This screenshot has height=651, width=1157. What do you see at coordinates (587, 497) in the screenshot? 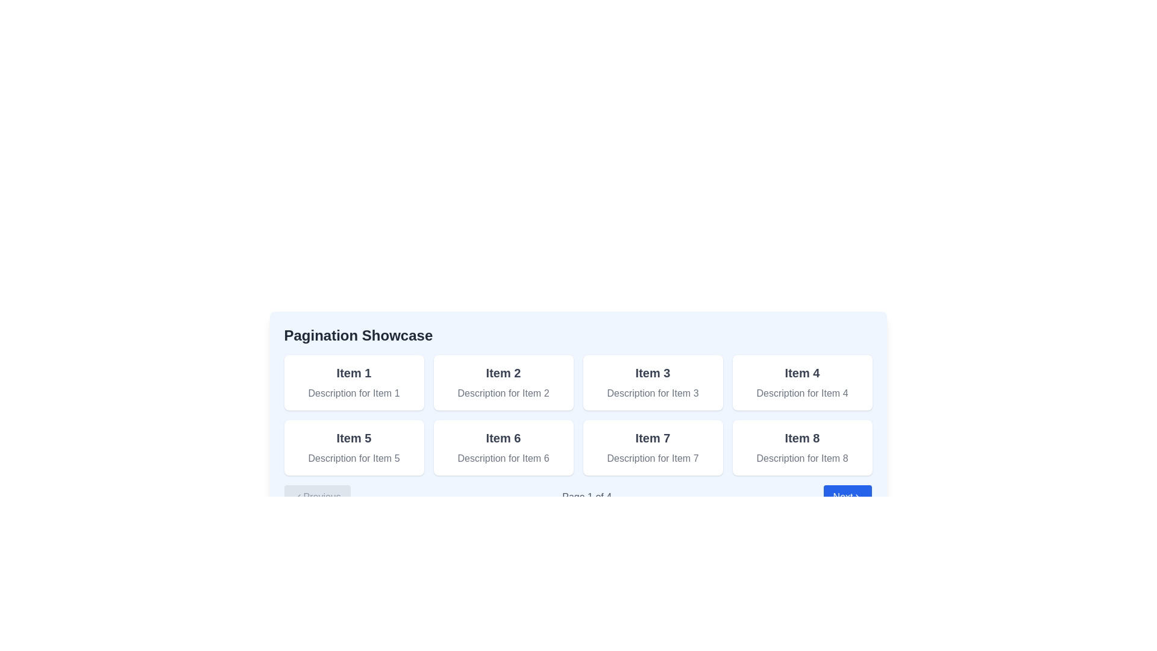
I see `the text label displaying 'Page 1 of 4', which is located between the 'Previous' and 'Next' buttons in the pagination control at the bottom of the content section` at bounding box center [587, 497].